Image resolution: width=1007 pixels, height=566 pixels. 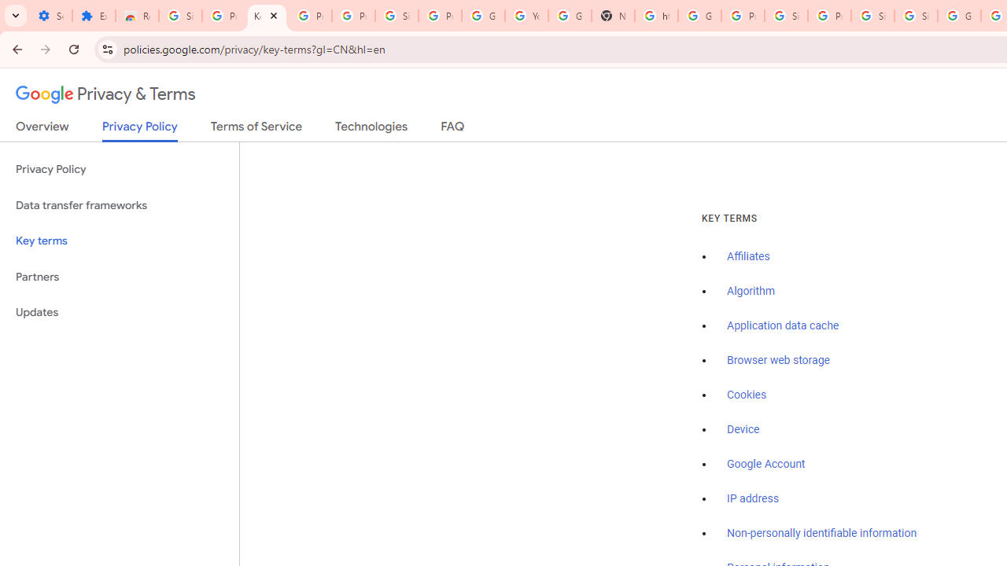 What do you see at coordinates (750, 292) in the screenshot?
I see `'Algorithm'` at bounding box center [750, 292].